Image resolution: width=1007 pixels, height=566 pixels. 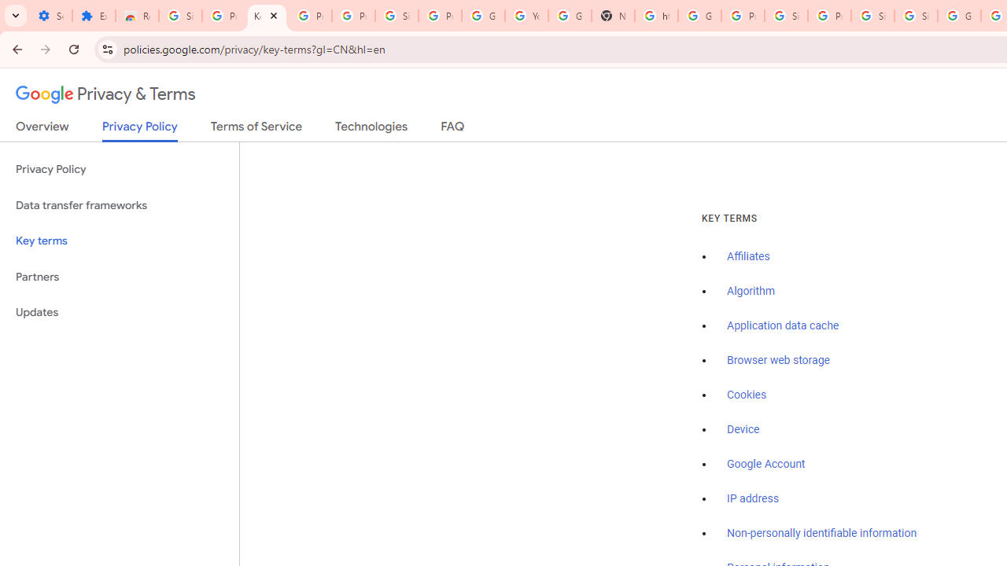 What do you see at coordinates (750, 292) in the screenshot?
I see `'Algorithm'` at bounding box center [750, 292].